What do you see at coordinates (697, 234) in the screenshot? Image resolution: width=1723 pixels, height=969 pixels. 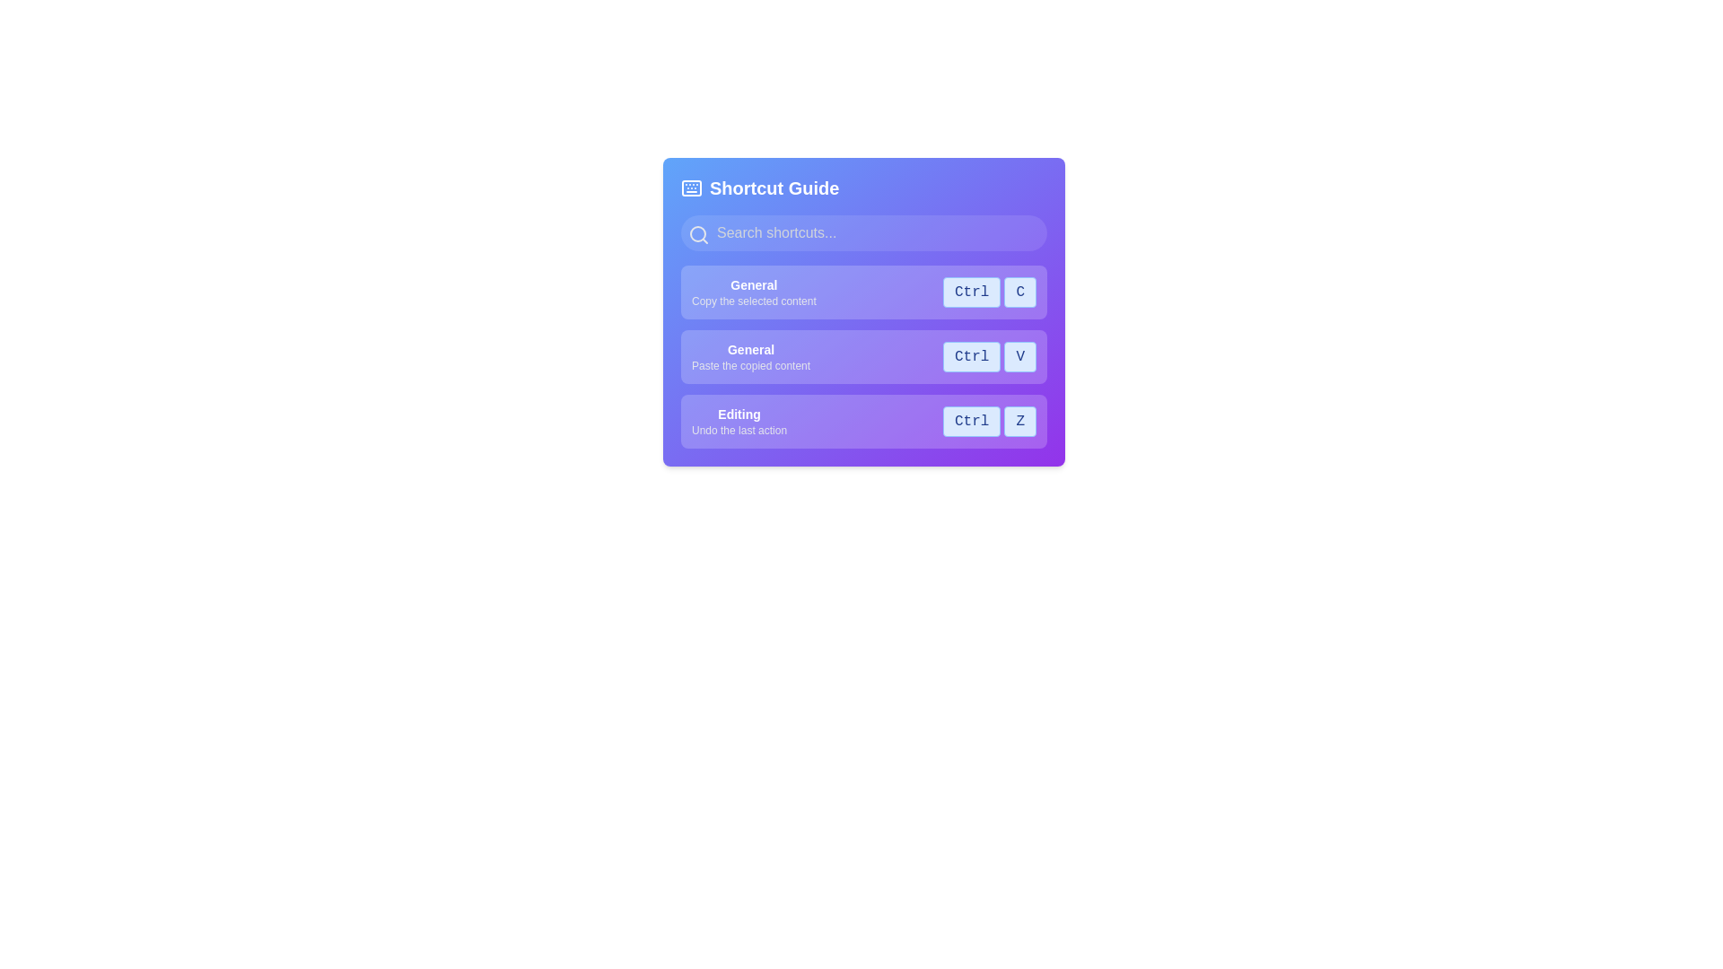 I see `the magnifying glass icon located in the upper left corner of the search input field within the 'Shortcut Guide' section for interactive functionality` at bounding box center [697, 234].